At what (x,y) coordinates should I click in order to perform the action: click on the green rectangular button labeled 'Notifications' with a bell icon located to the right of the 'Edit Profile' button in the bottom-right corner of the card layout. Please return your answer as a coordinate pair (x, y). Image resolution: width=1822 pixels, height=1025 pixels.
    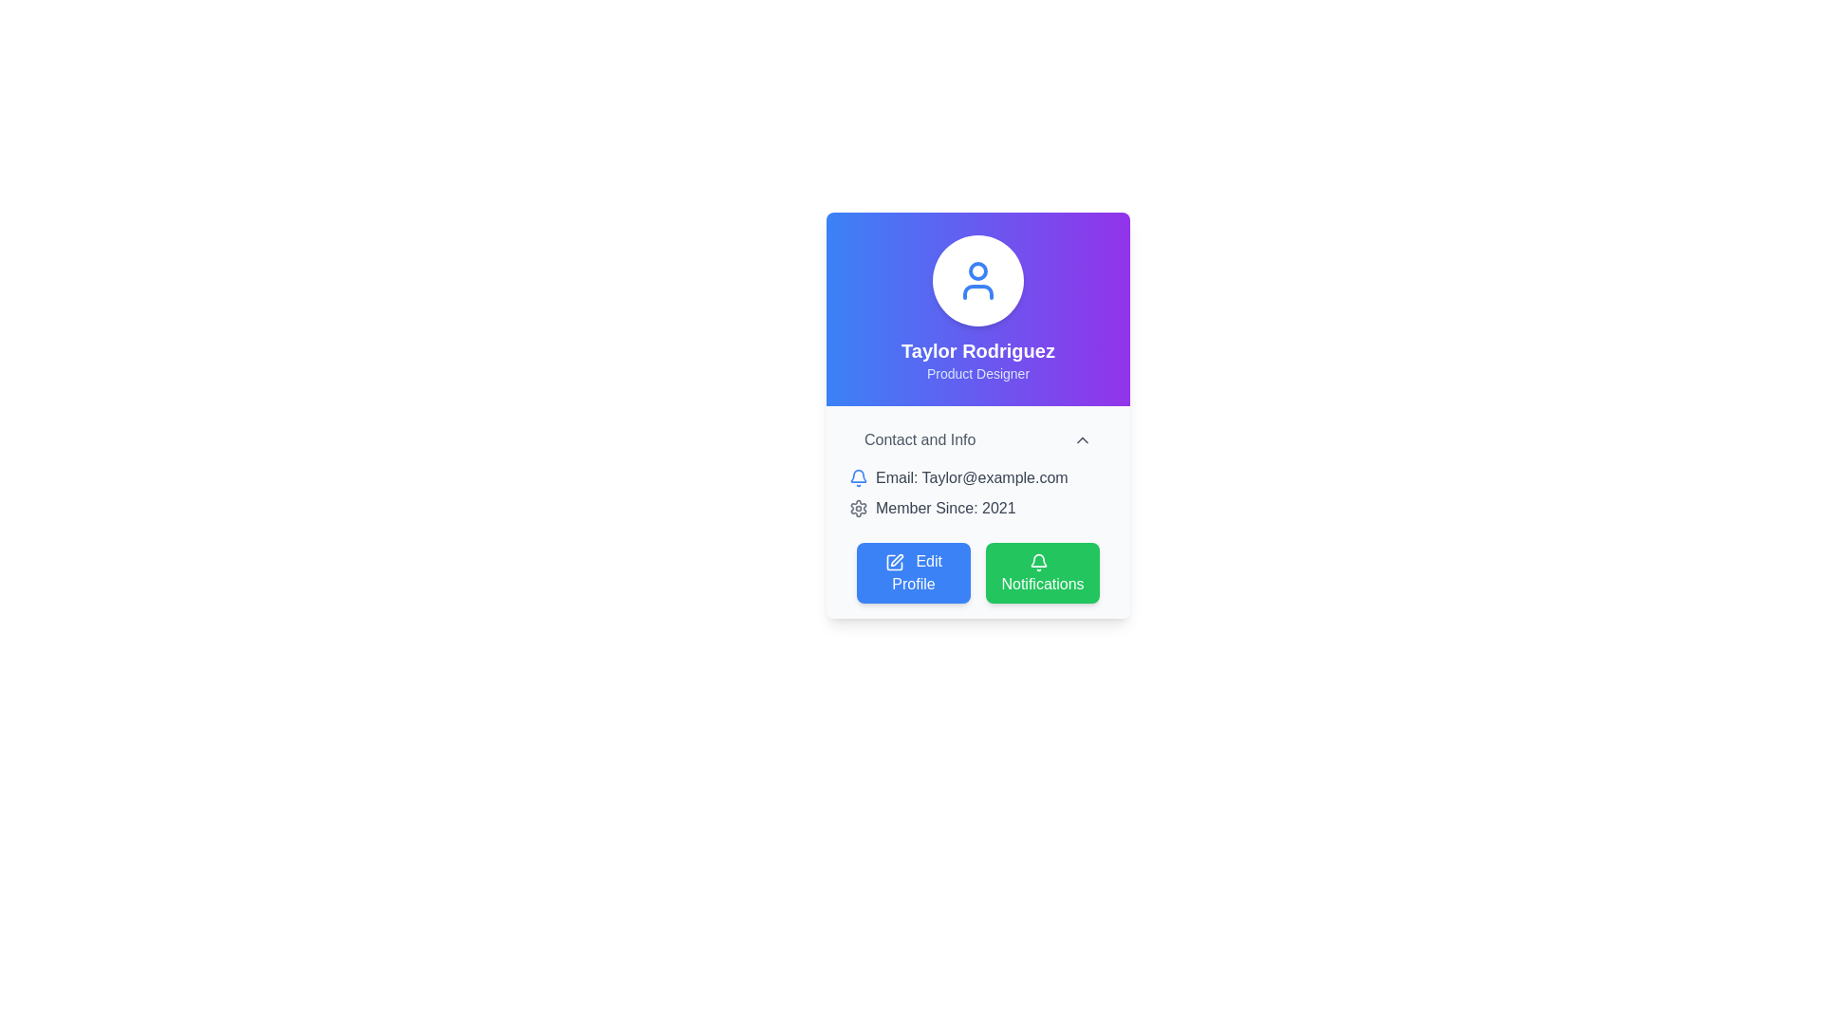
    Looking at the image, I should click on (1042, 572).